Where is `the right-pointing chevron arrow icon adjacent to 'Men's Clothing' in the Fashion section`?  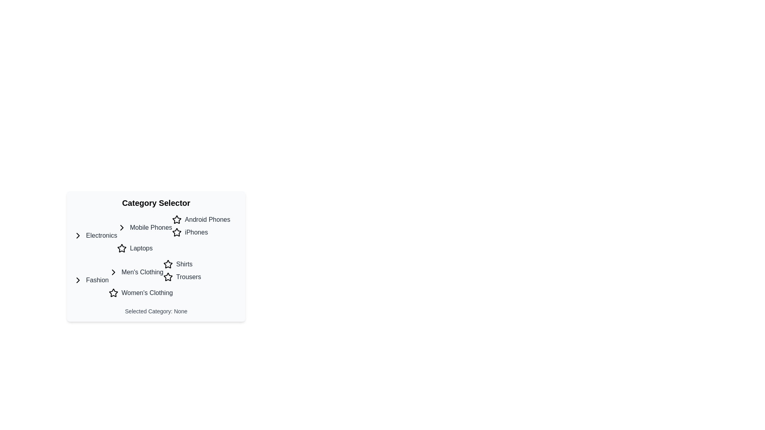
the right-pointing chevron arrow icon adjacent to 'Men's Clothing' in the Fashion section is located at coordinates (113, 272).